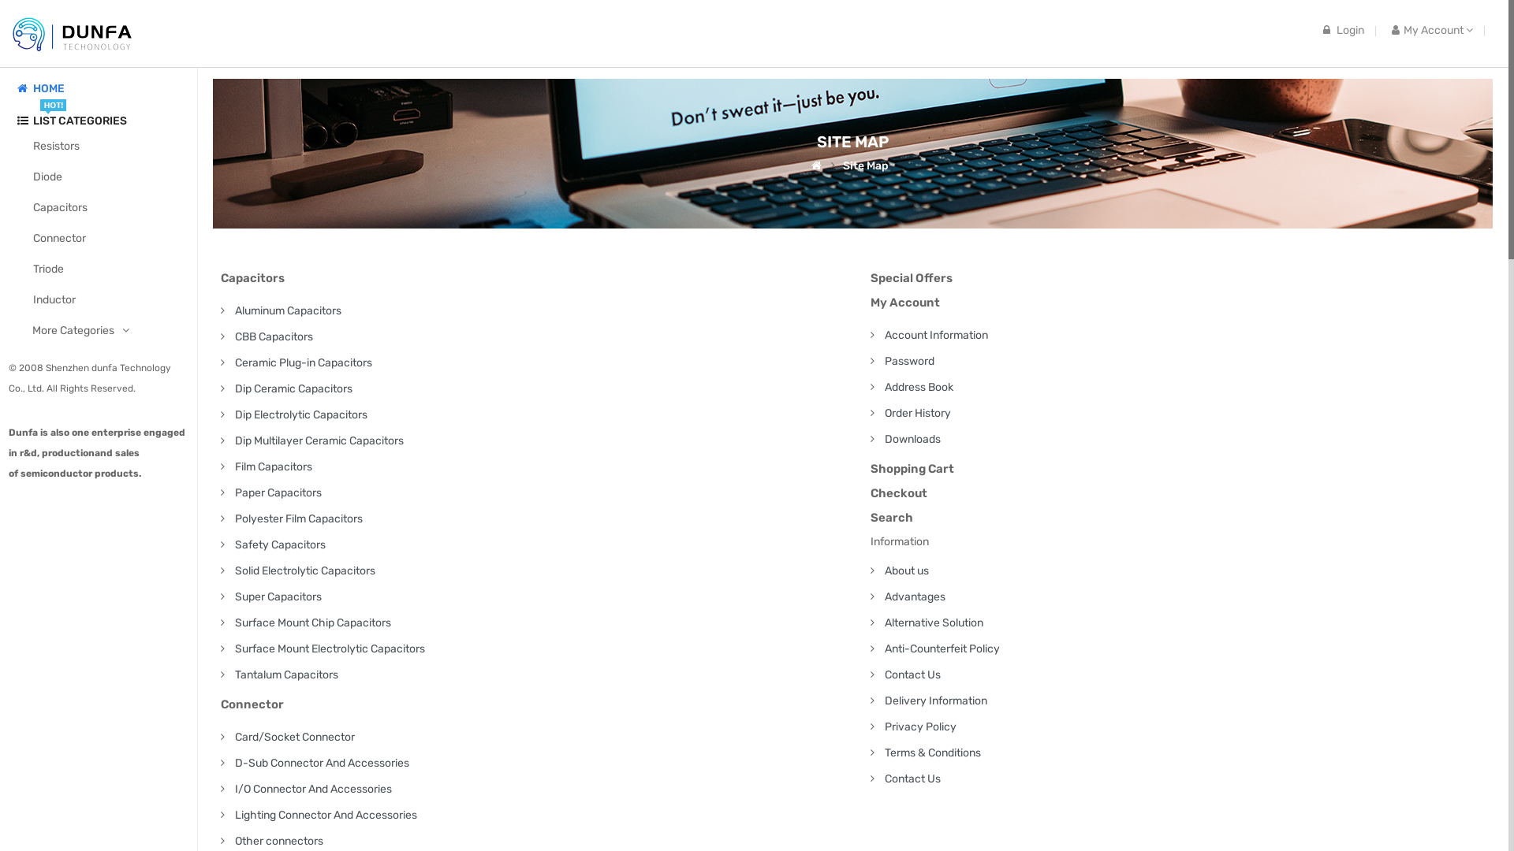 This screenshot has width=1514, height=851. What do you see at coordinates (329, 648) in the screenshot?
I see `'Surface Mount Electrolytic Capacitors'` at bounding box center [329, 648].